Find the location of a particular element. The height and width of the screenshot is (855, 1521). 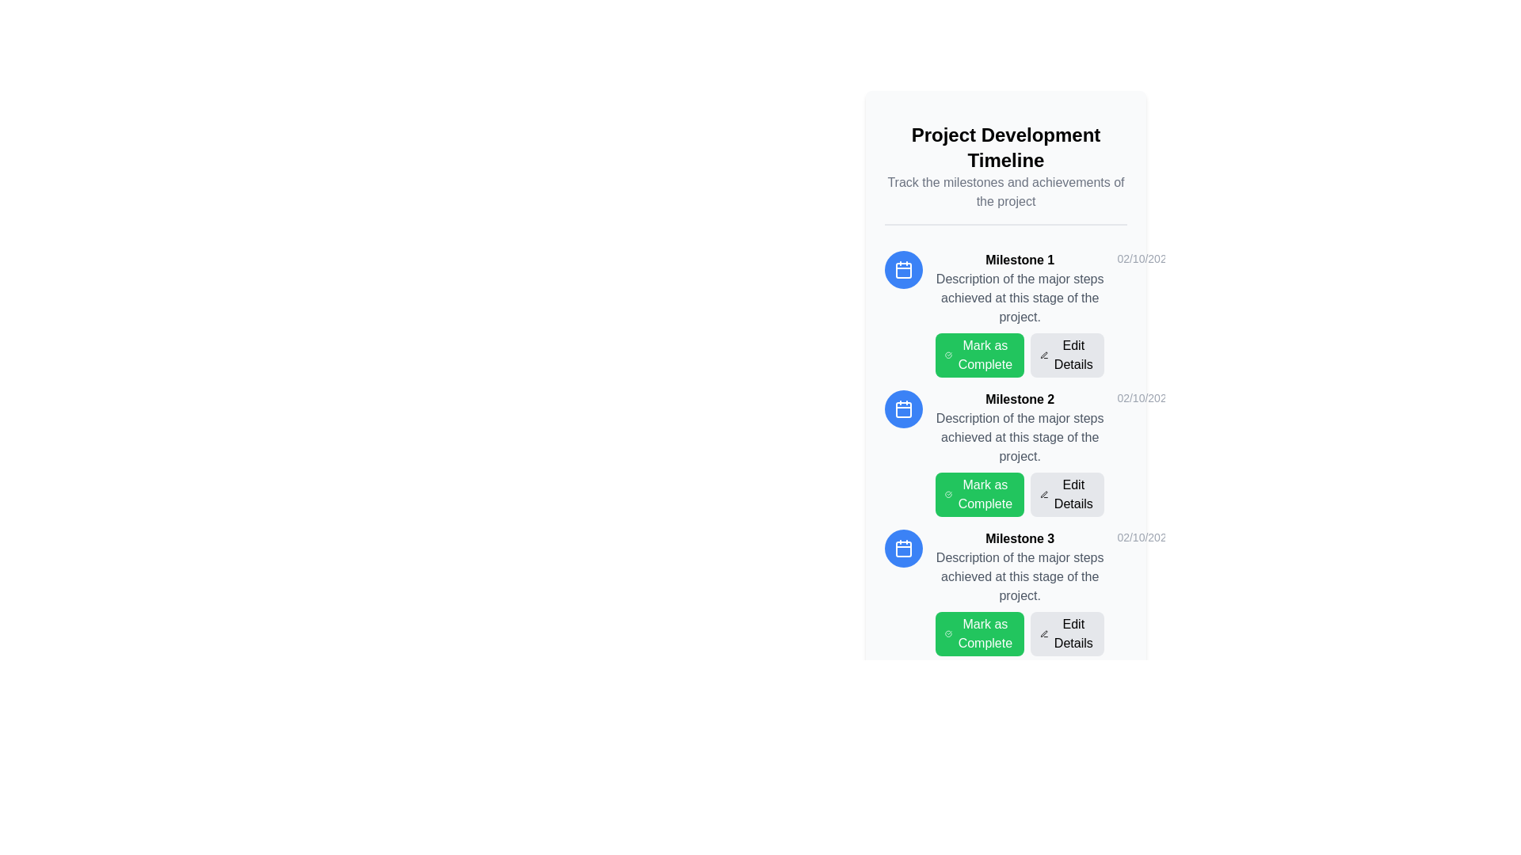

the icon indicating completion of a milestone, located inside the green 'Mark as Complete' button in the 'Milestone 3' section is located at coordinates (948, 633).